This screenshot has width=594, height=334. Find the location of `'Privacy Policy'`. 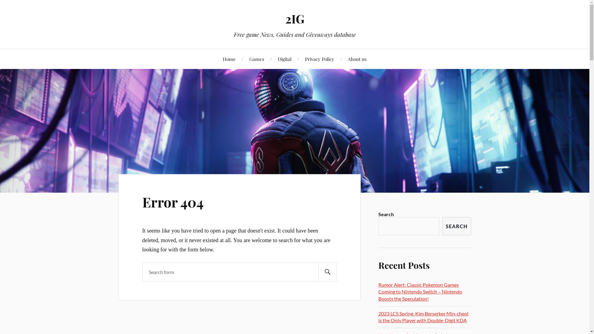

'Privacy Policy' is located at coordinates (319, 59).